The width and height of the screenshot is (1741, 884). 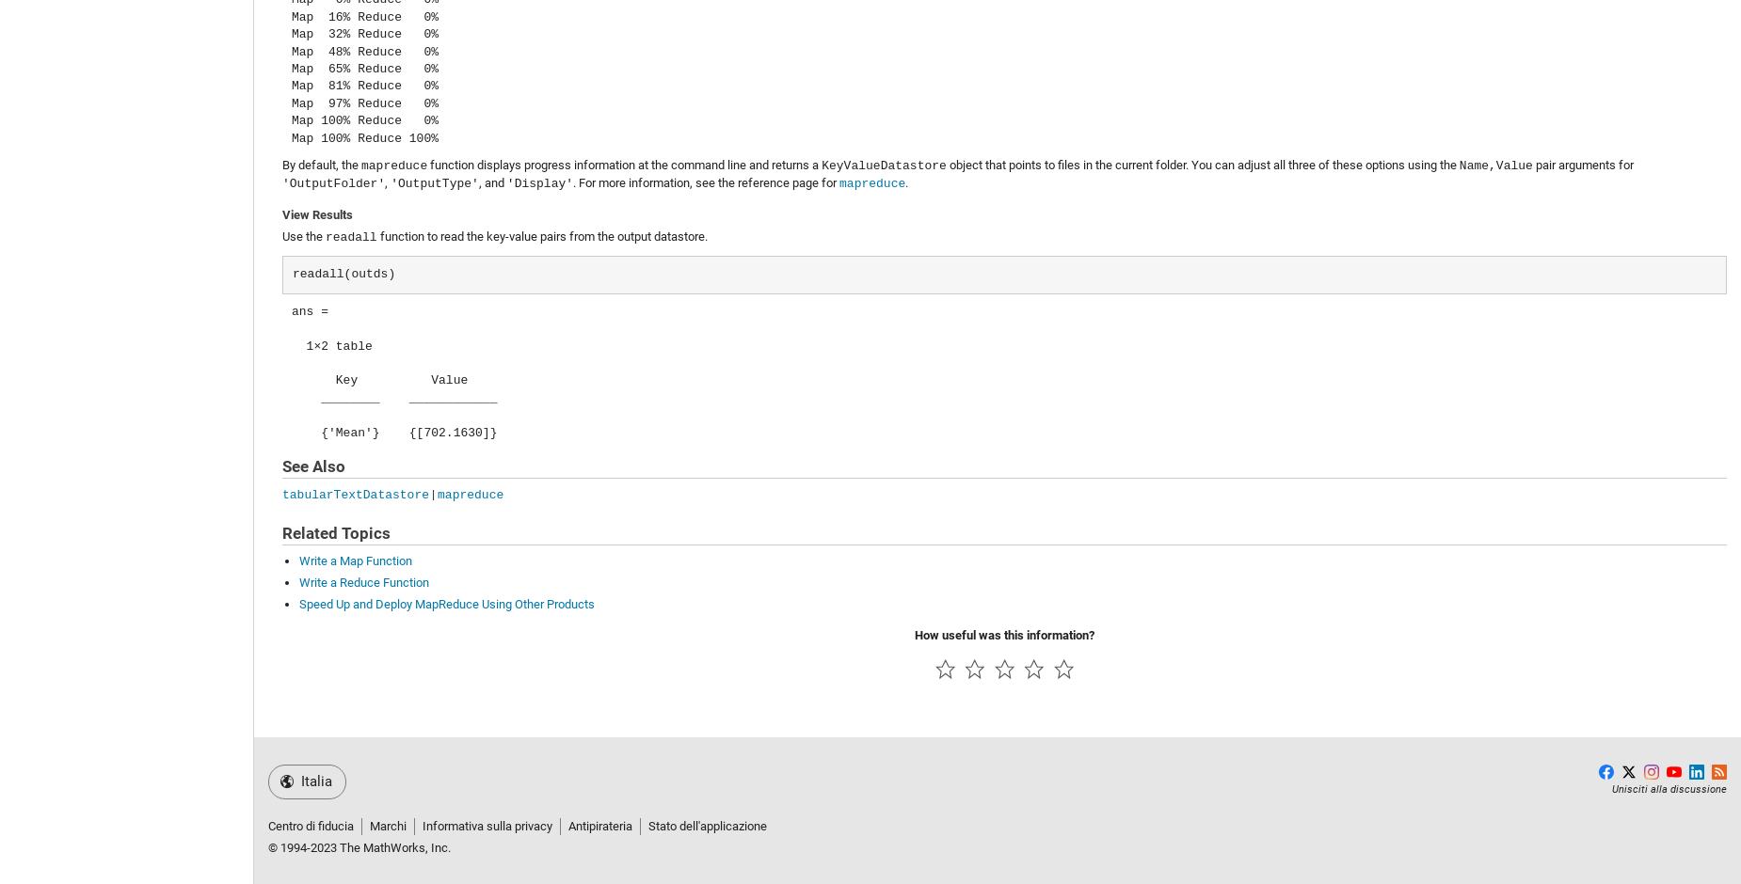 I want to click on ''OutputFolder'', so click(x=332, y=183).